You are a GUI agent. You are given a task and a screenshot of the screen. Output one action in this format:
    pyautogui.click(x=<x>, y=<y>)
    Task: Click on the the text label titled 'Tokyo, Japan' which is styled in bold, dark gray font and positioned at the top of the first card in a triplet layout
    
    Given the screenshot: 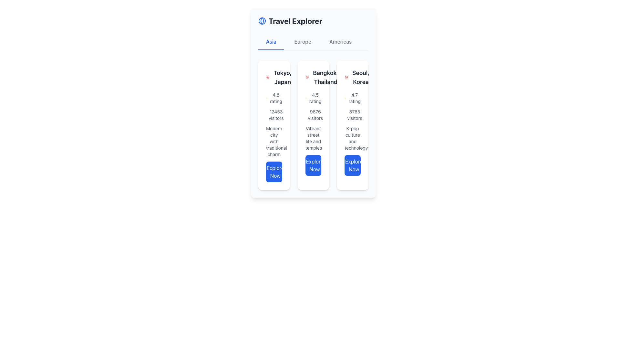 What is the action you would take?
    pyautogui.click(x=283, y=77)
    